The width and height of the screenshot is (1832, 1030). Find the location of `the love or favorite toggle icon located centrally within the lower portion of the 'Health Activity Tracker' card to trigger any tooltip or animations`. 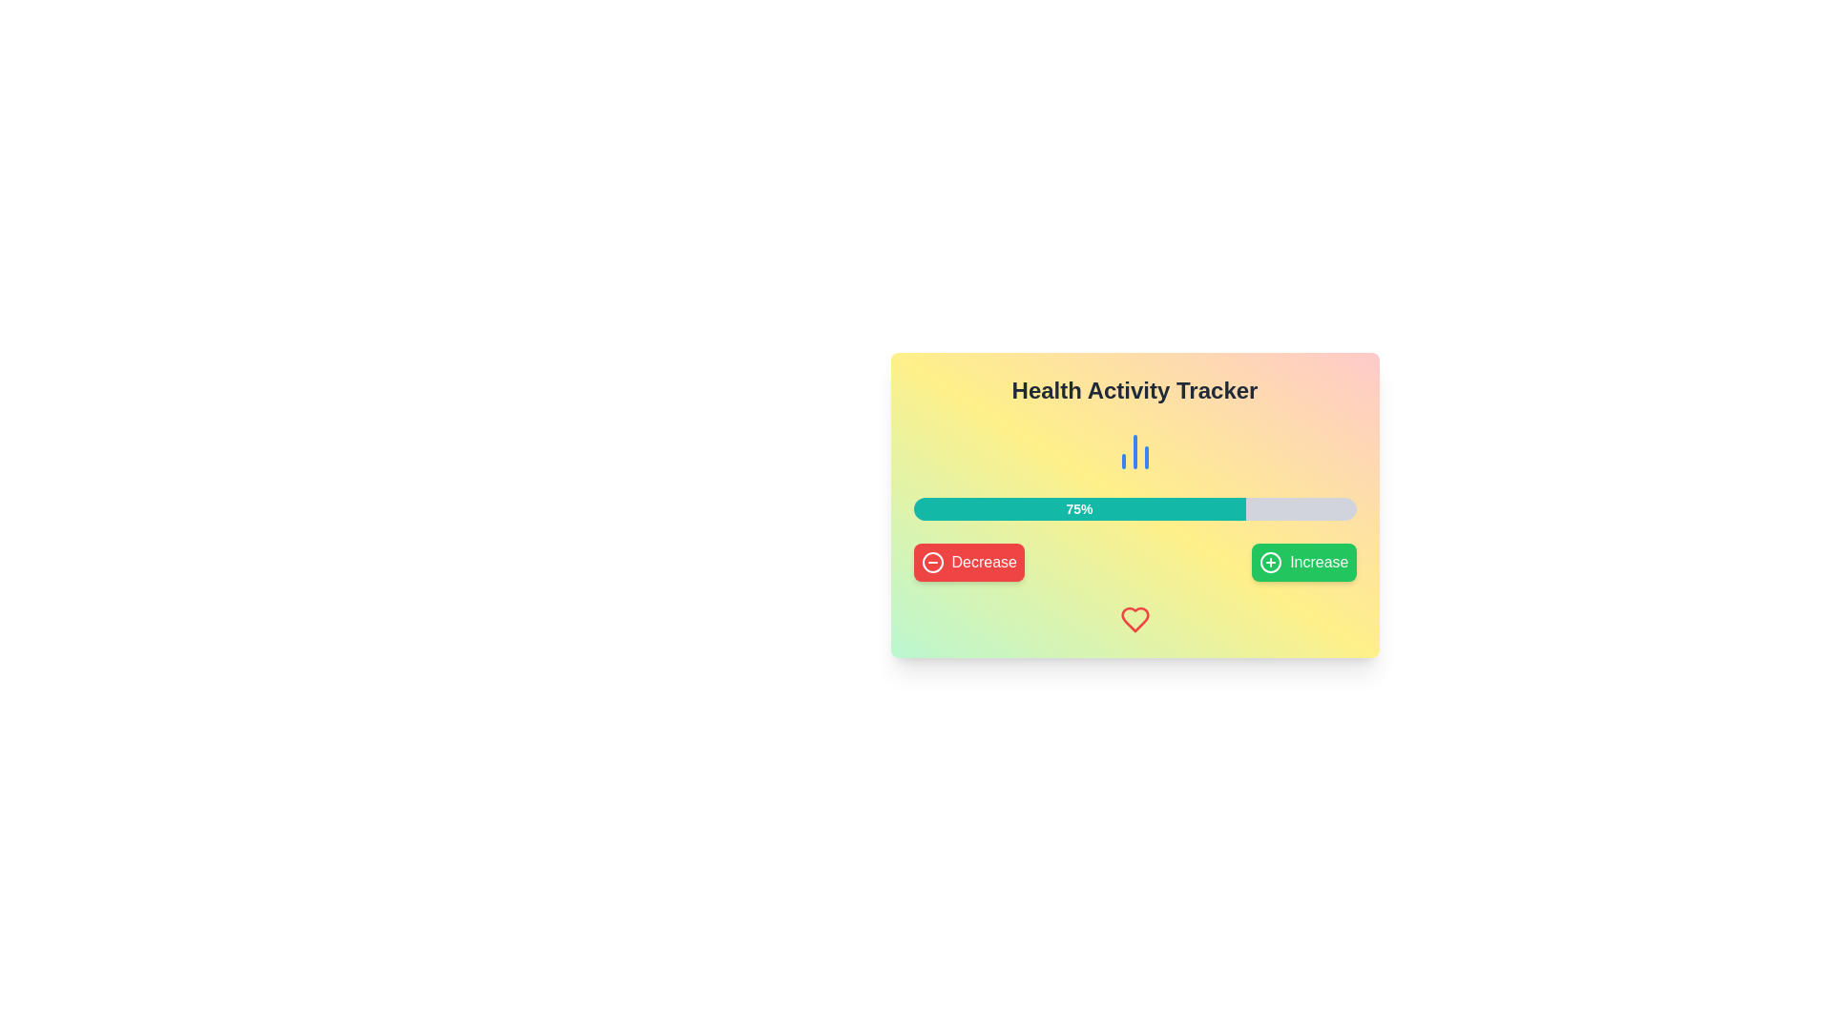

the love or favorite toggle icon located centrally within the lower portion of the 'Health Activity Tracker' card to trigger any tooltip or animations is located at coordinates (1135, 620).